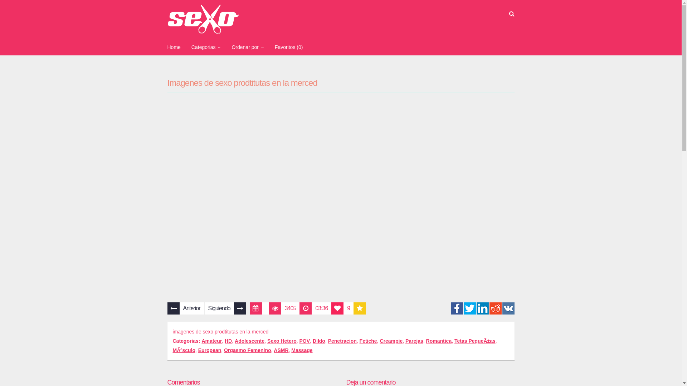  Describe the element at coordinates (185, 308) in the screenshot. I see `'Anterior'` at that location.